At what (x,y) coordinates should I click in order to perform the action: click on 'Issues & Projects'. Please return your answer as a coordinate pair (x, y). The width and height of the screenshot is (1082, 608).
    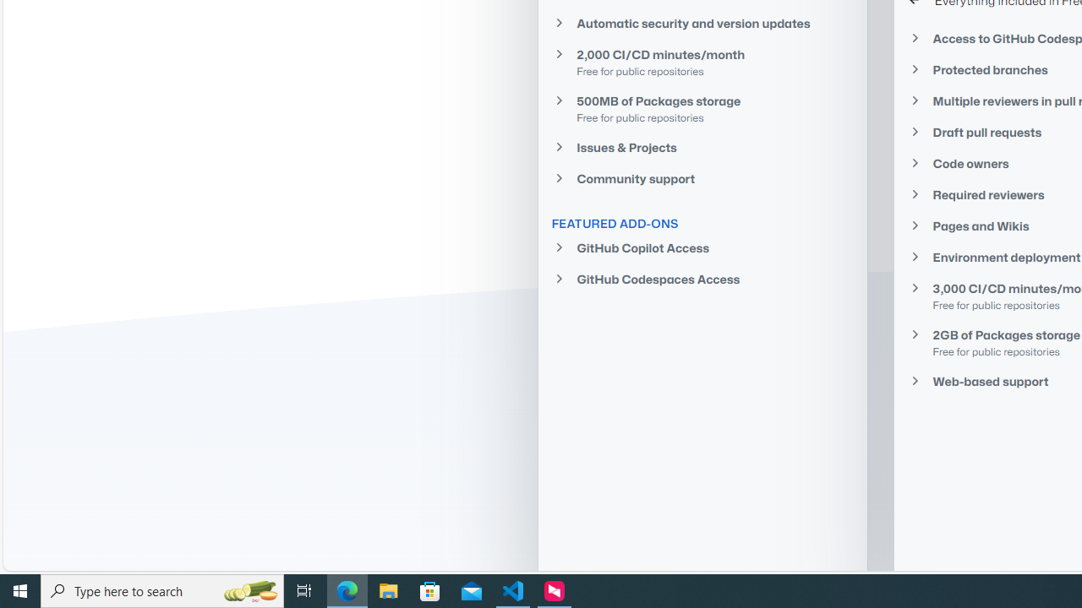
    Looking at the image, I should click on (702, 146).